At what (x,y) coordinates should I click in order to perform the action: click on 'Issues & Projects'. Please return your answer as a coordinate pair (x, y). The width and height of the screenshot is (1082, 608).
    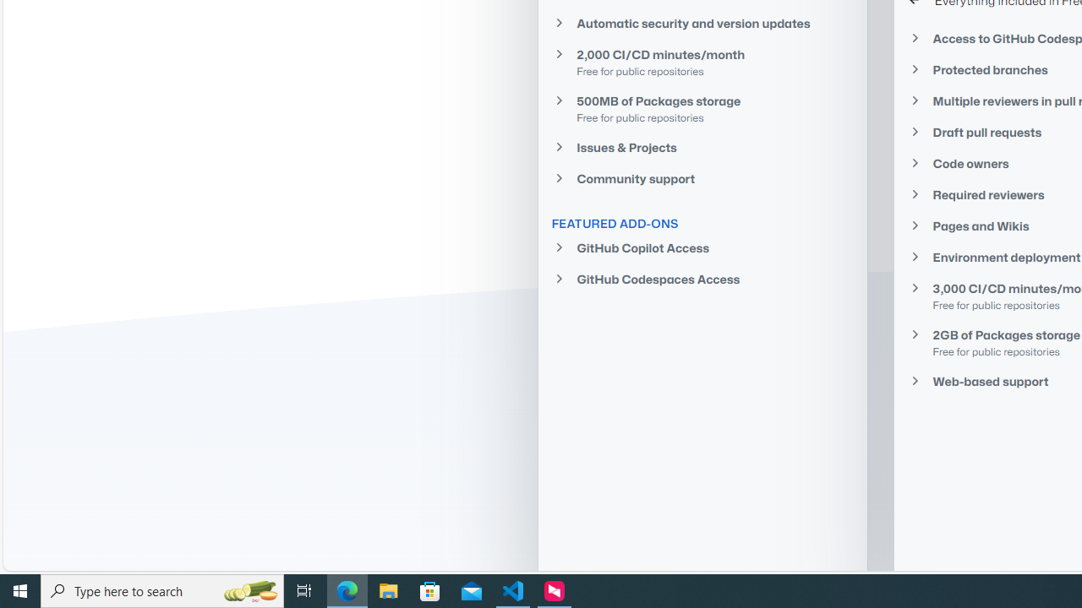
    Looking at the image, I should click on (702, 146).